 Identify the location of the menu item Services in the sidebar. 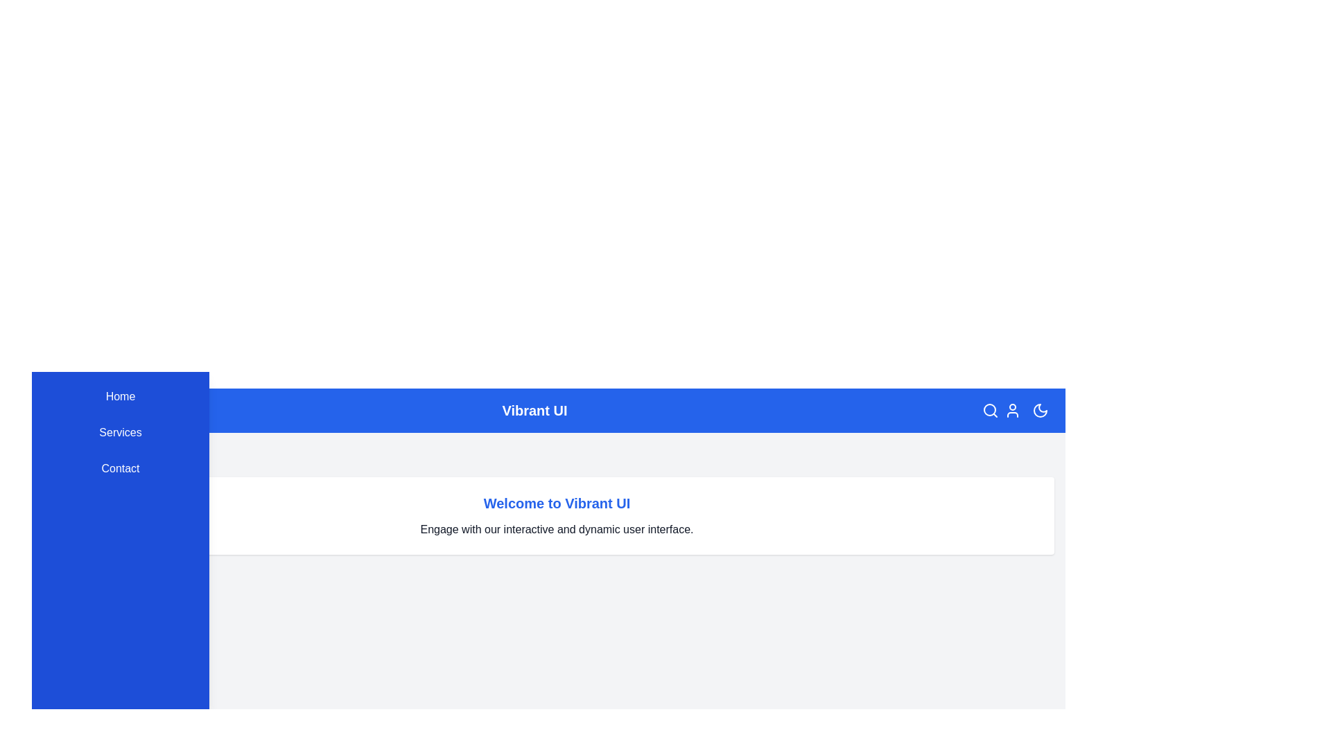
(120, 431).